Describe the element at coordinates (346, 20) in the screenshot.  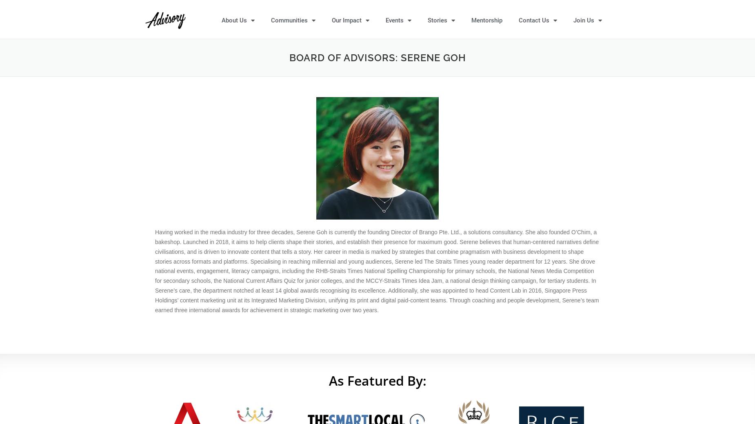
I see `'Our Impact'` at that location.